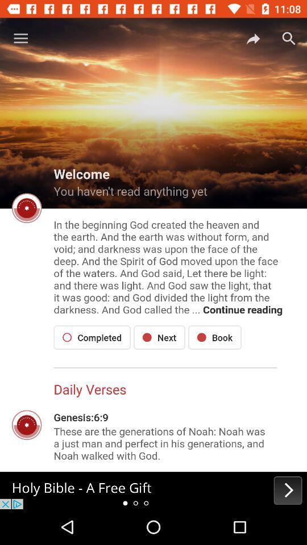  I want to click on open advertisement, so click(153, 490).